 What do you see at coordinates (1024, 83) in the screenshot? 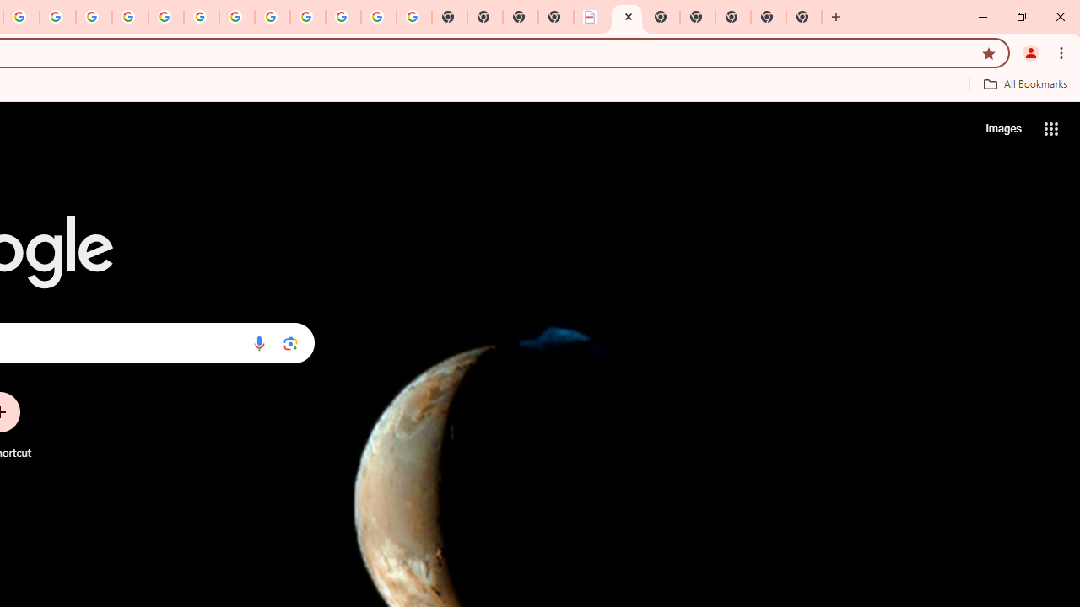
I see `'All Bookmarks'` at bounding box center [1024, 83].